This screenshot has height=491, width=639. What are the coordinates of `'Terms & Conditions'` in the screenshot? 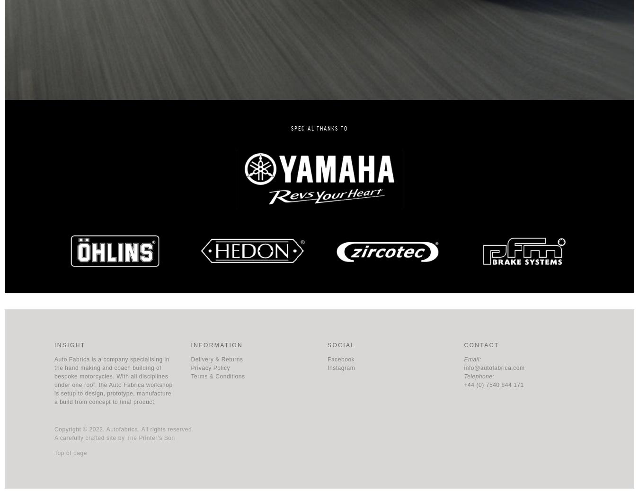 It's located at (217, 376).